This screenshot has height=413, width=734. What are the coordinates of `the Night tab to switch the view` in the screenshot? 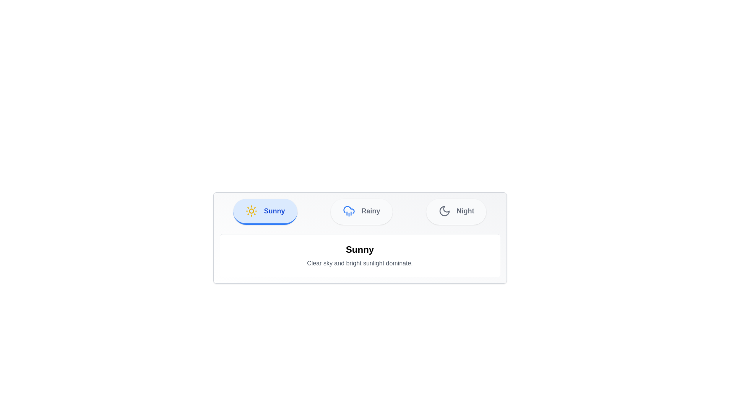 It's located at (456, 212).